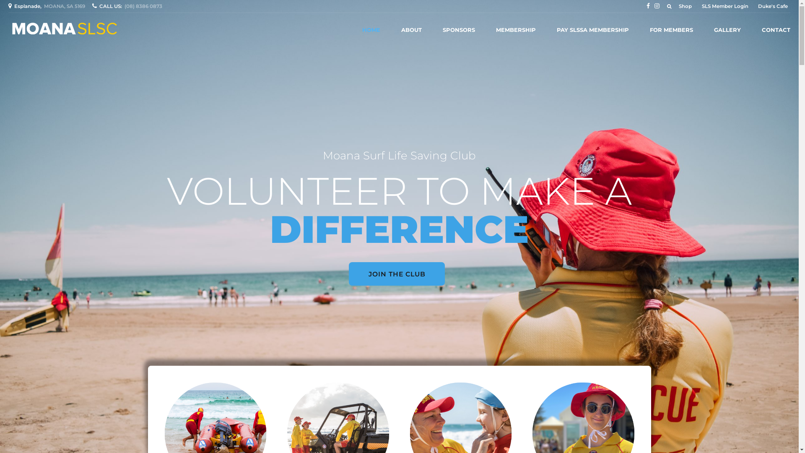  What do you see at coordinates (396, 274) in the screenshot?
I see `'JOIN THE CLUB'` at bounding box center [396, 274].